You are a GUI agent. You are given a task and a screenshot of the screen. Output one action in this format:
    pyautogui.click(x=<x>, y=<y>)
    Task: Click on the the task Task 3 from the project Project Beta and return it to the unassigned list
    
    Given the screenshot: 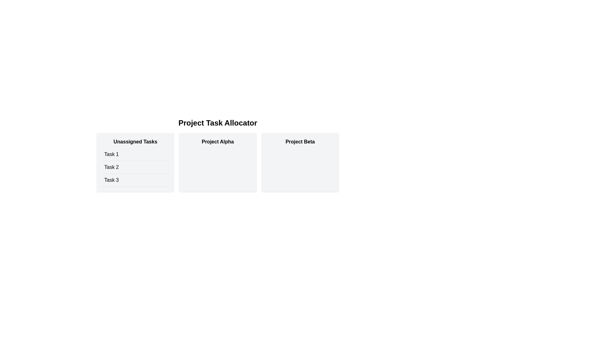 What is the action you would take?
    pyautogui.click(x=300, y=162)
    